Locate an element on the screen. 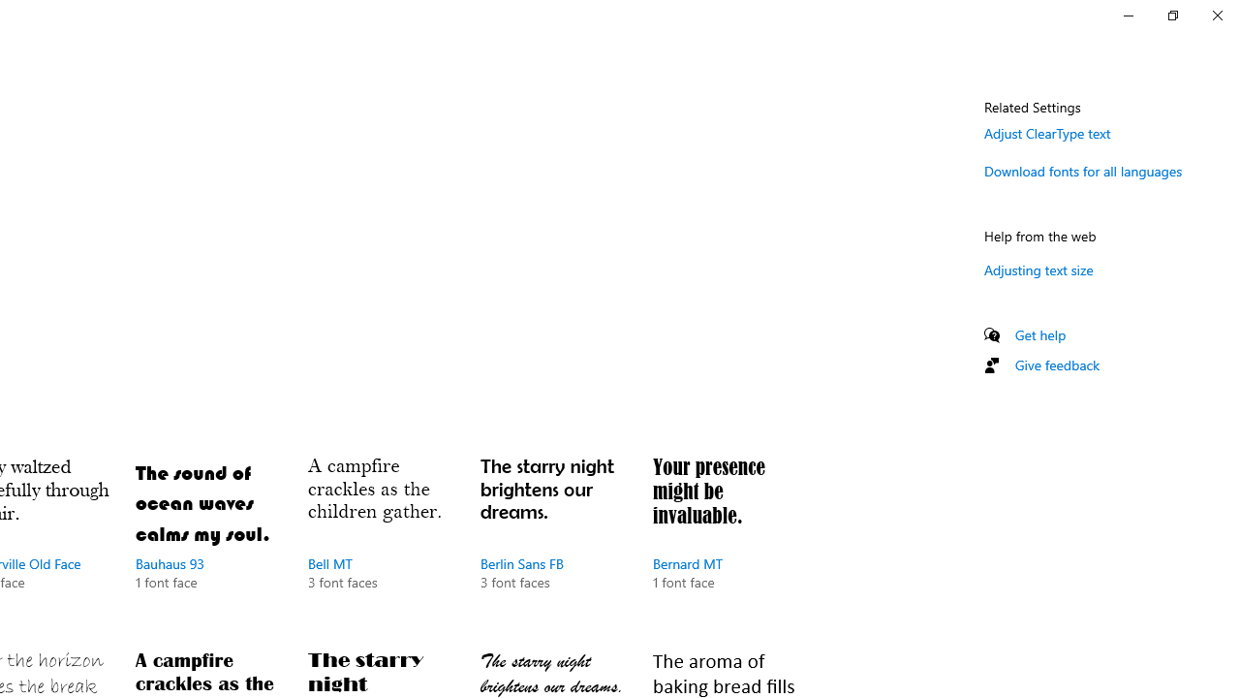  'Bell MT, 3 font faces' is located at coordinates (380, 543).